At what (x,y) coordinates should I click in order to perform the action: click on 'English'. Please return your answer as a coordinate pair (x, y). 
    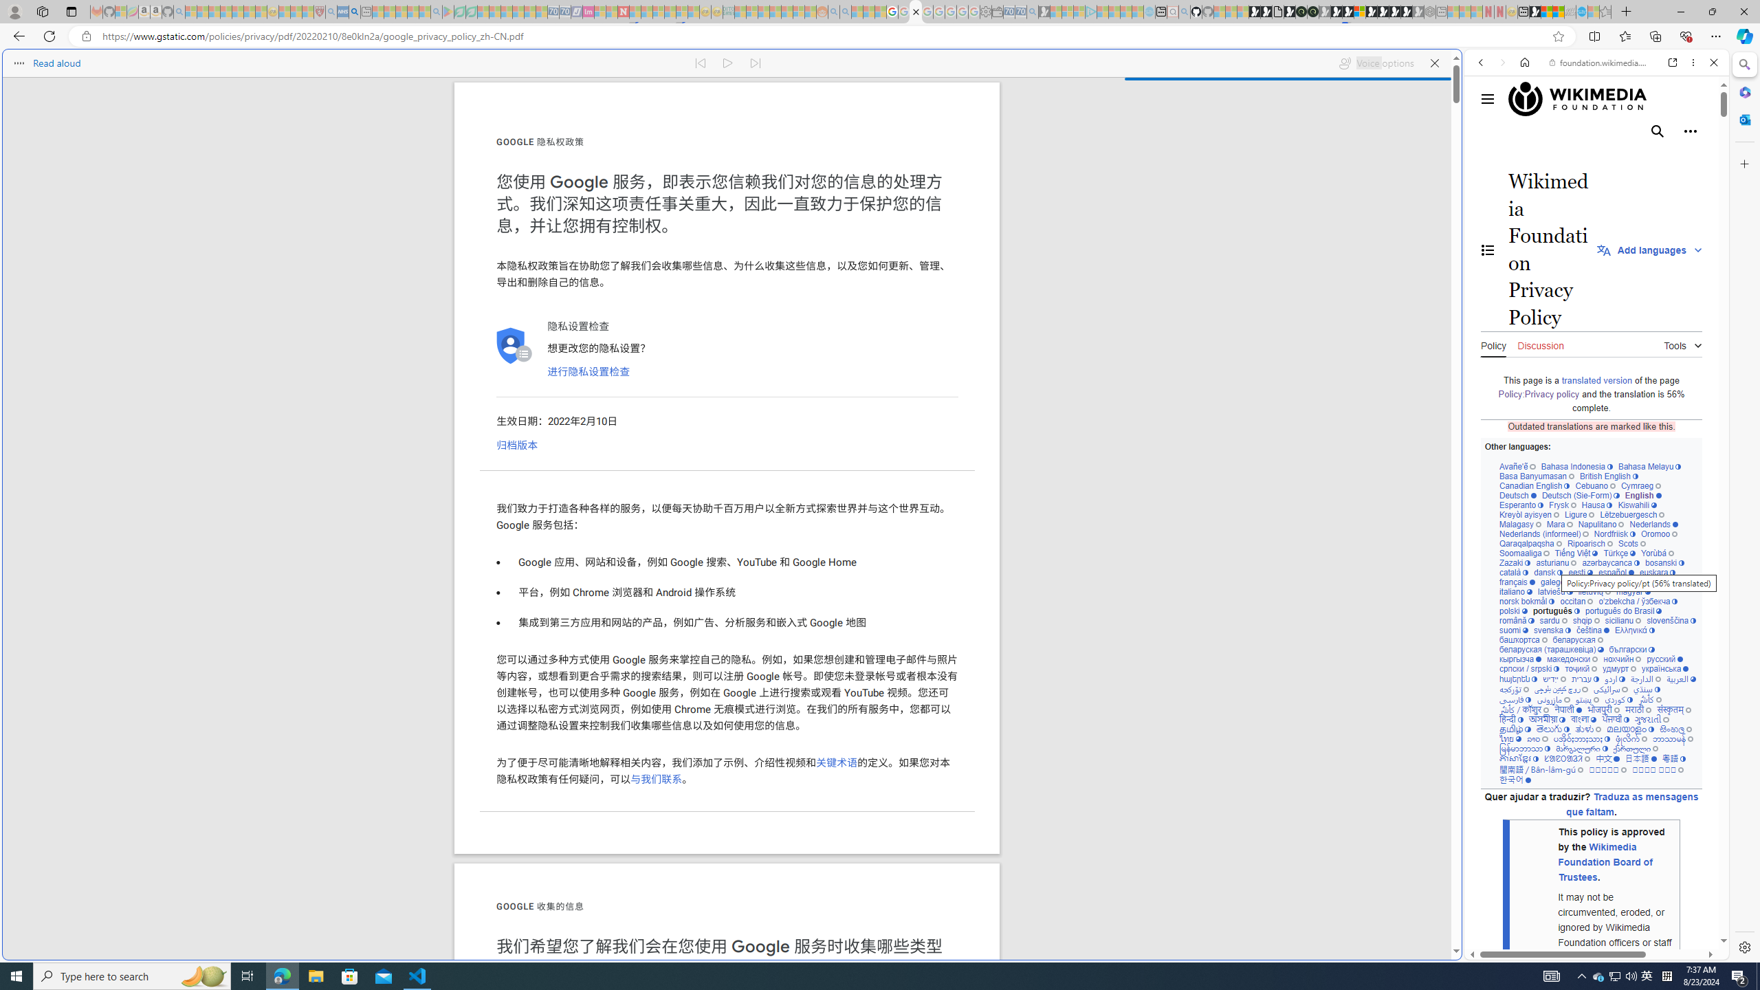
    Looking at the image, I should click on (1642, 495).